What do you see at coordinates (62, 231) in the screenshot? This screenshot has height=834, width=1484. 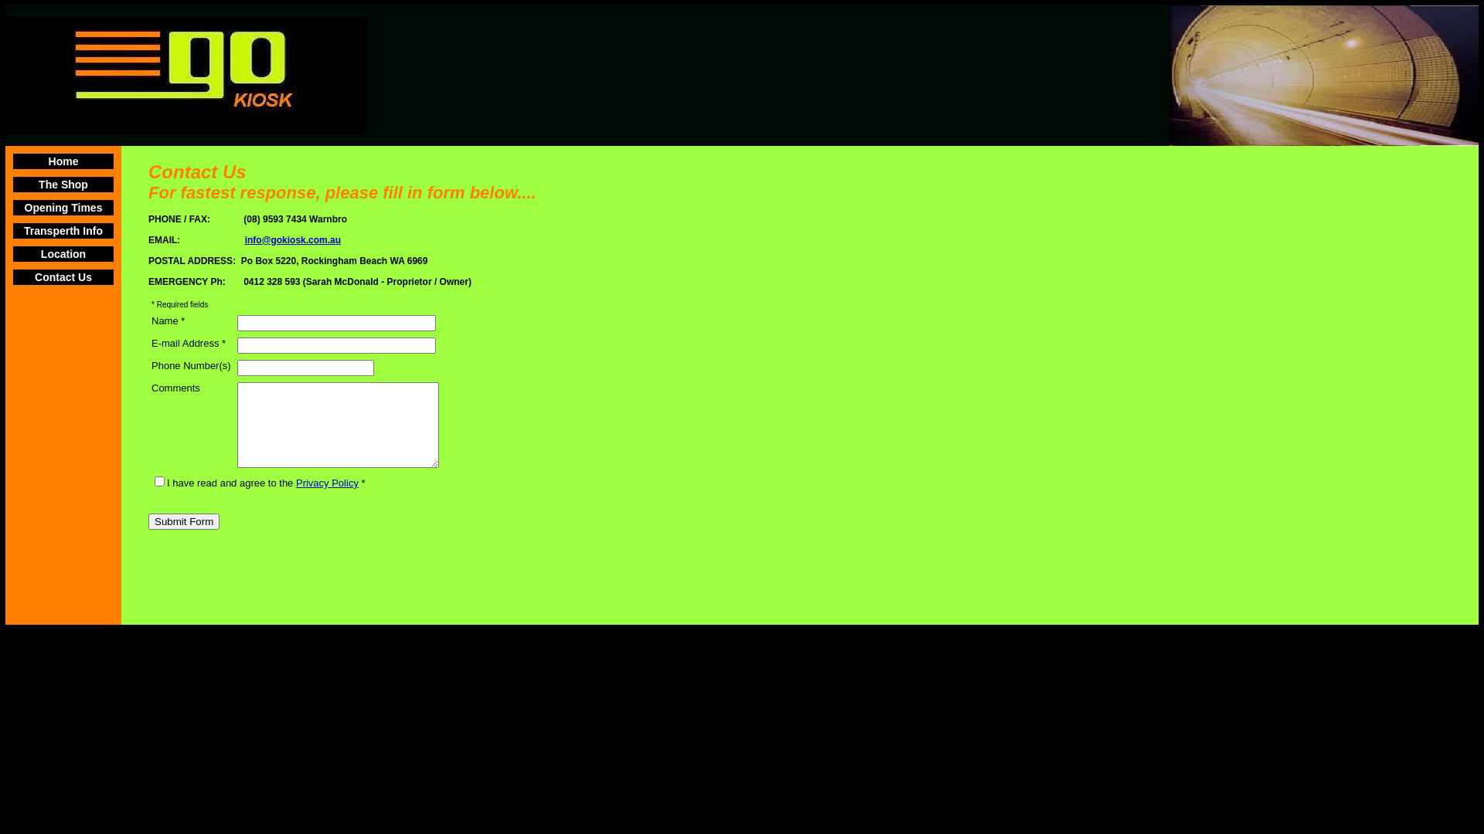 I see `'Transperth Info'` at bounding box center [62, 231].